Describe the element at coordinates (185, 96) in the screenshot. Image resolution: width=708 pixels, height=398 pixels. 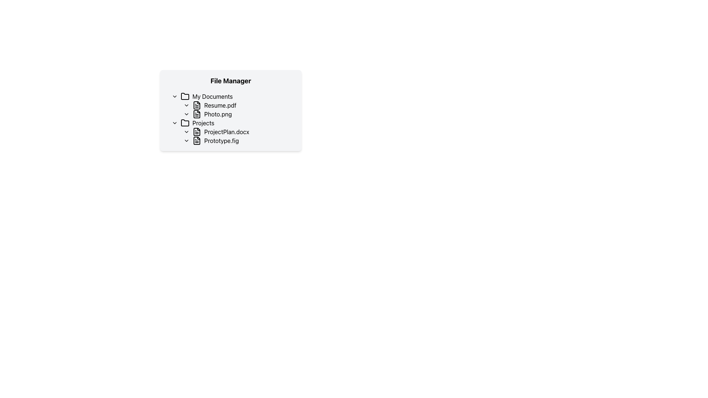
I see `the folder icon representing 'My Documents' by clicking on it` at that location.